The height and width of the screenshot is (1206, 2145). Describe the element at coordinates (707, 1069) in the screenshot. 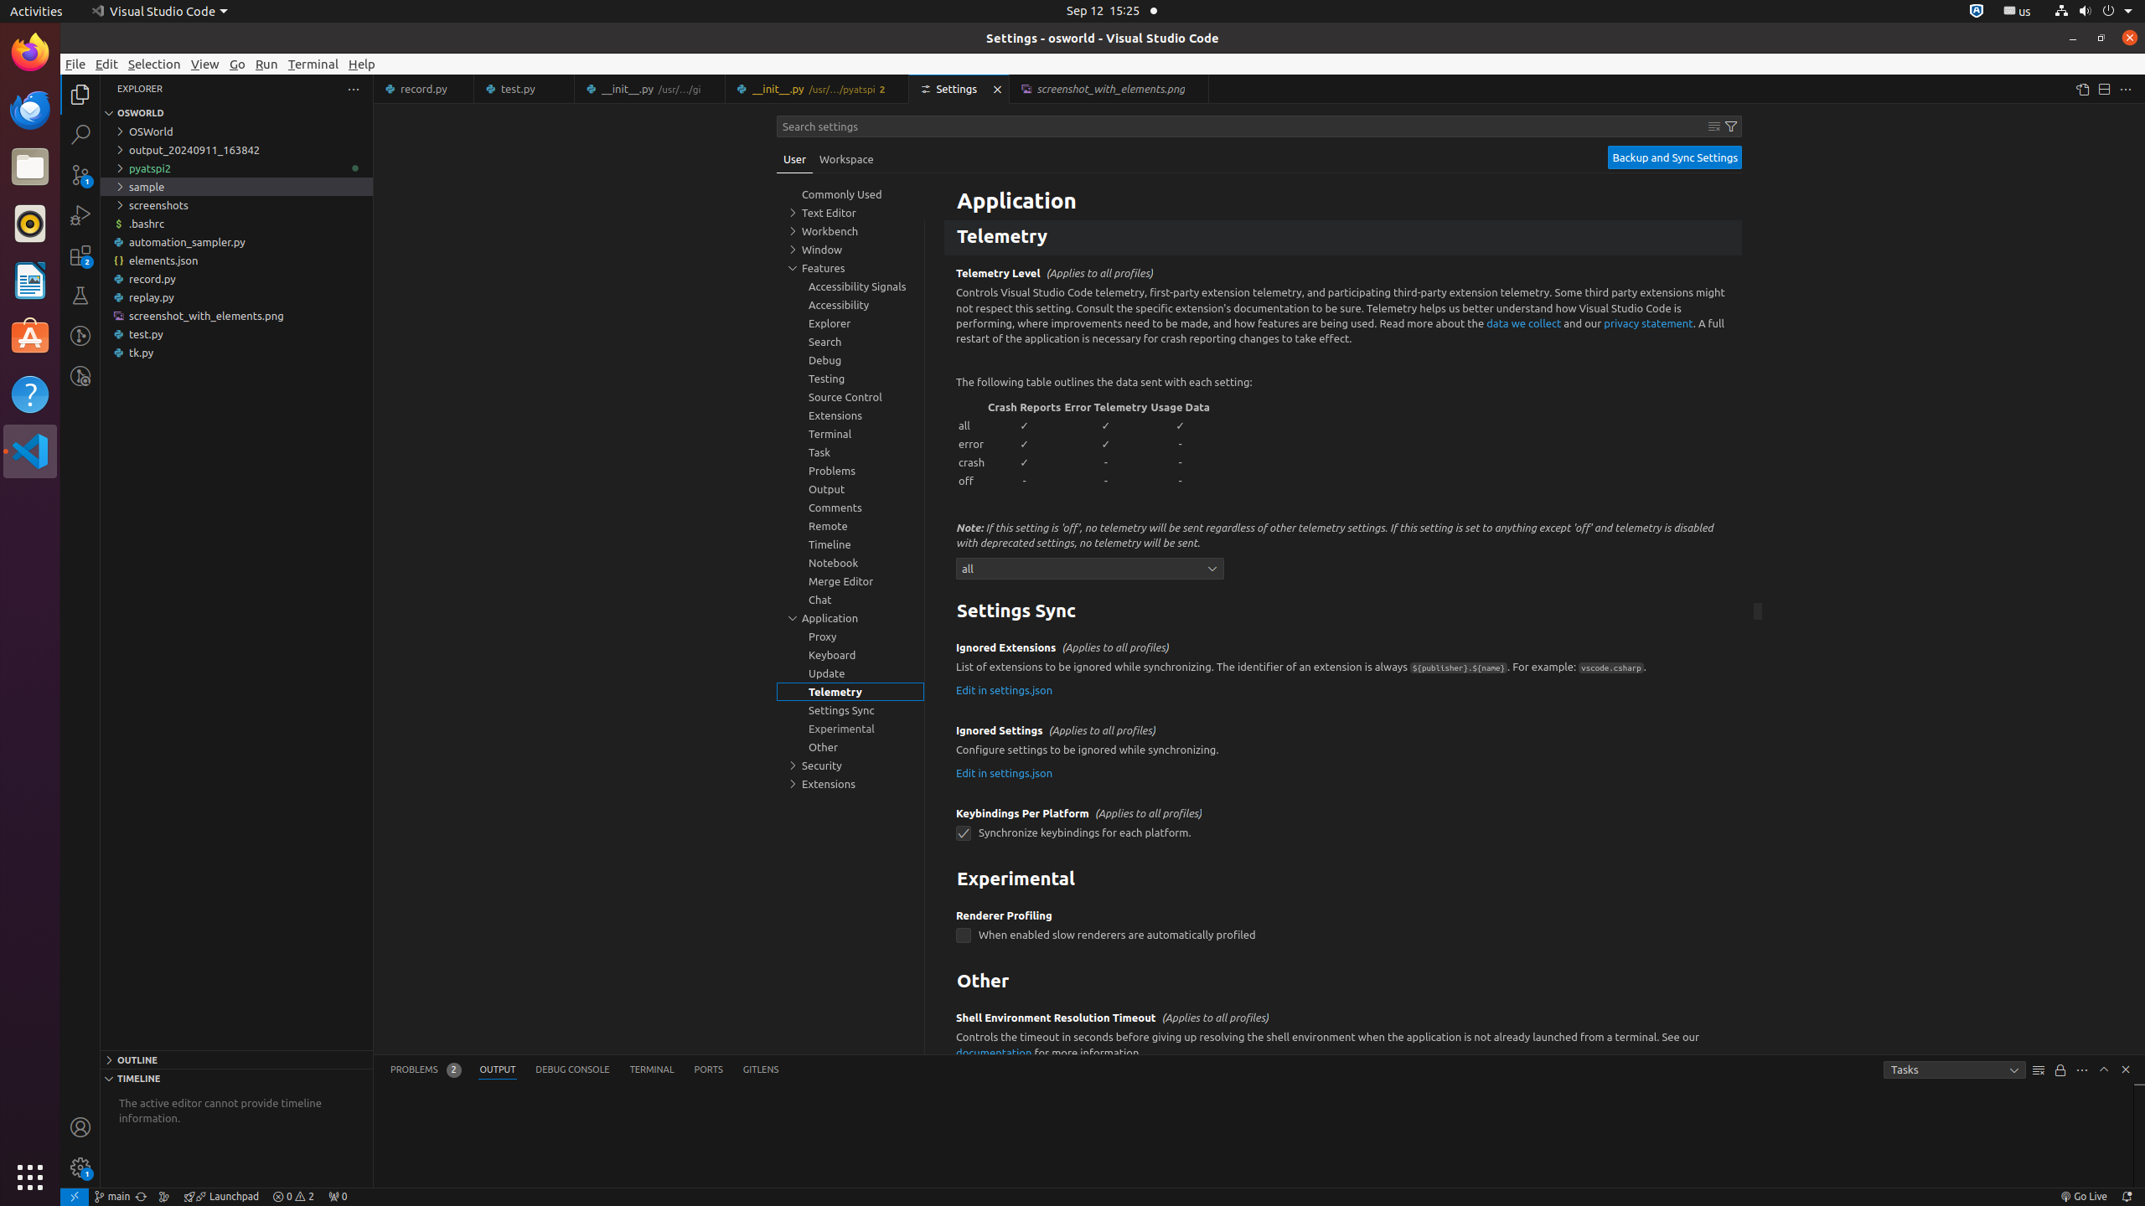

I see `'Ports'` at that location.